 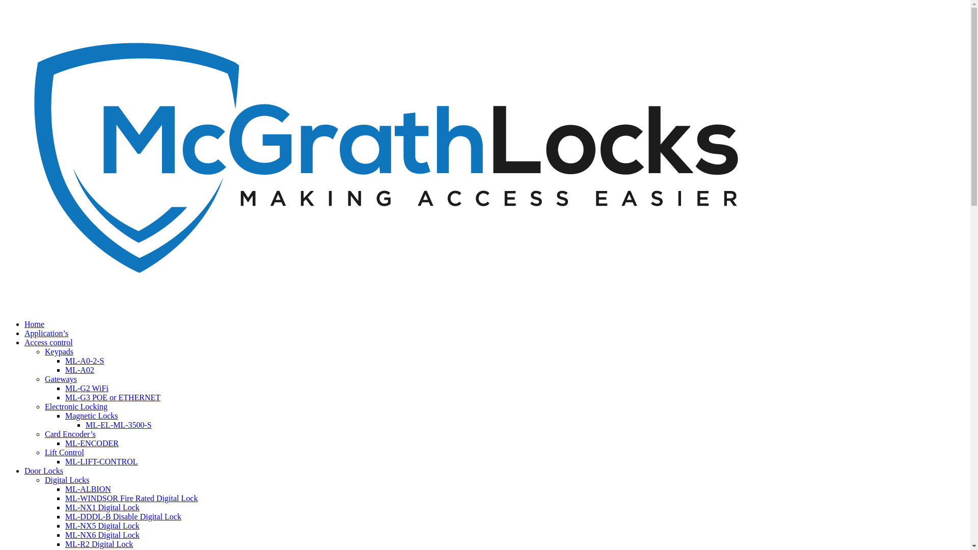 I want to click on 'Gateways', so click(x=60, y=379).